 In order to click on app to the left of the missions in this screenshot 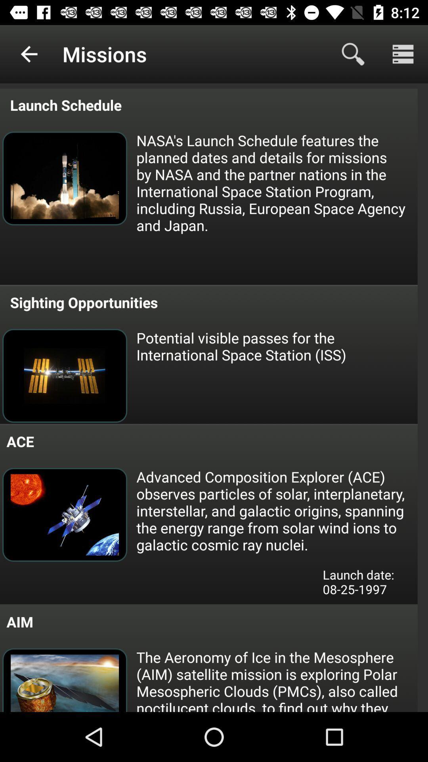, I will do `click(29, 54)`.